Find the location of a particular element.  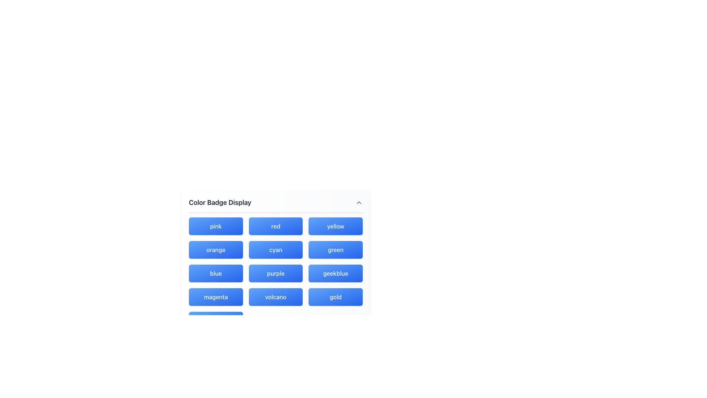

the color display button located in the third row and third column of the grid, which serves as a visual indicator for the labeled color is located at coordinates (335, 273).